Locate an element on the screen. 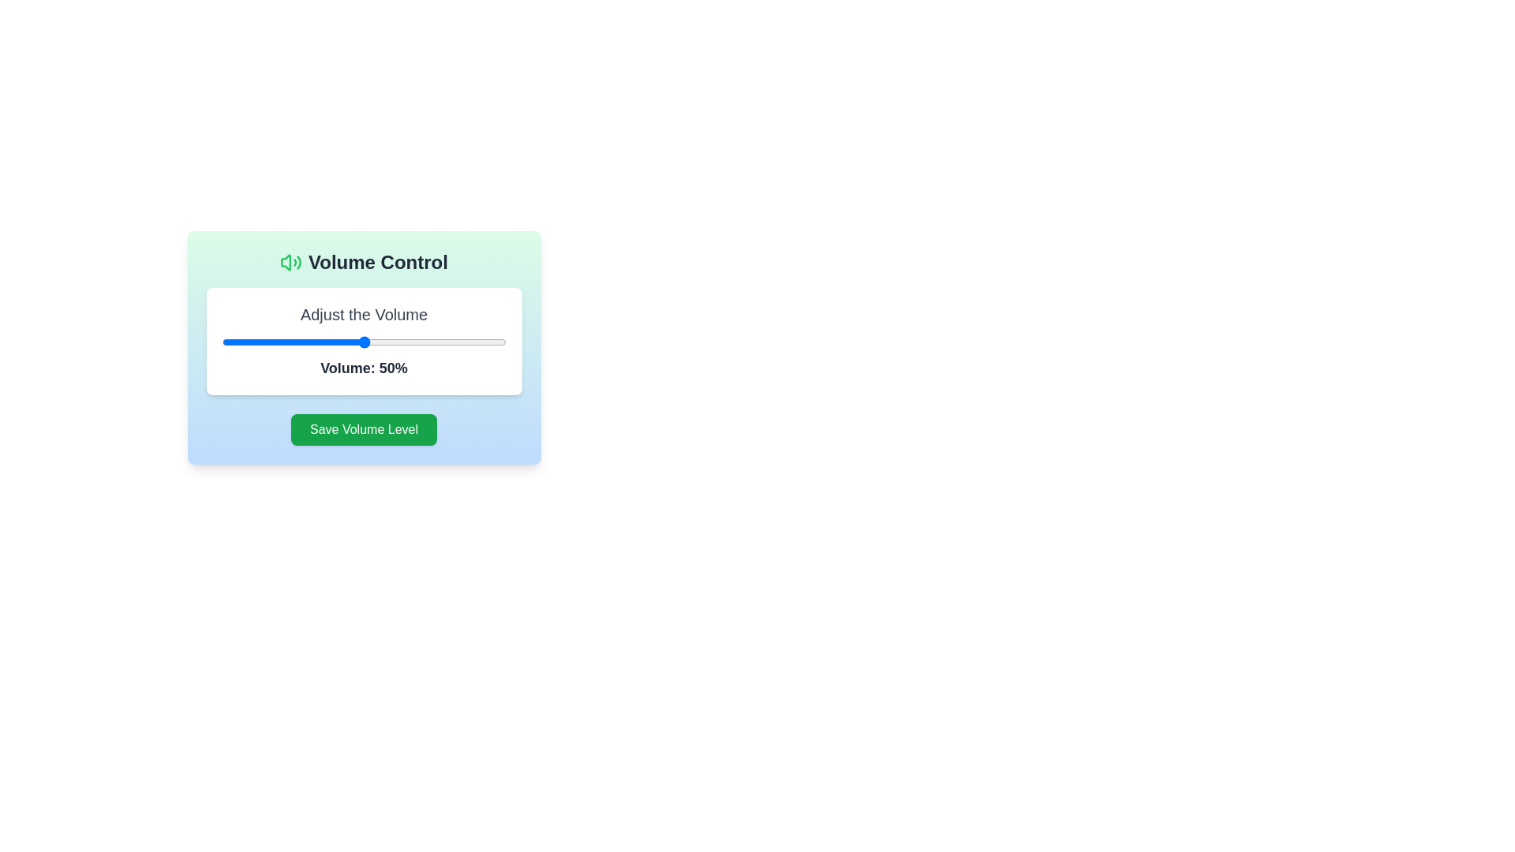 This screenshot has height=852, width=1515. the volume slider to set the volume to 92% is located at coordinates (482, 342).